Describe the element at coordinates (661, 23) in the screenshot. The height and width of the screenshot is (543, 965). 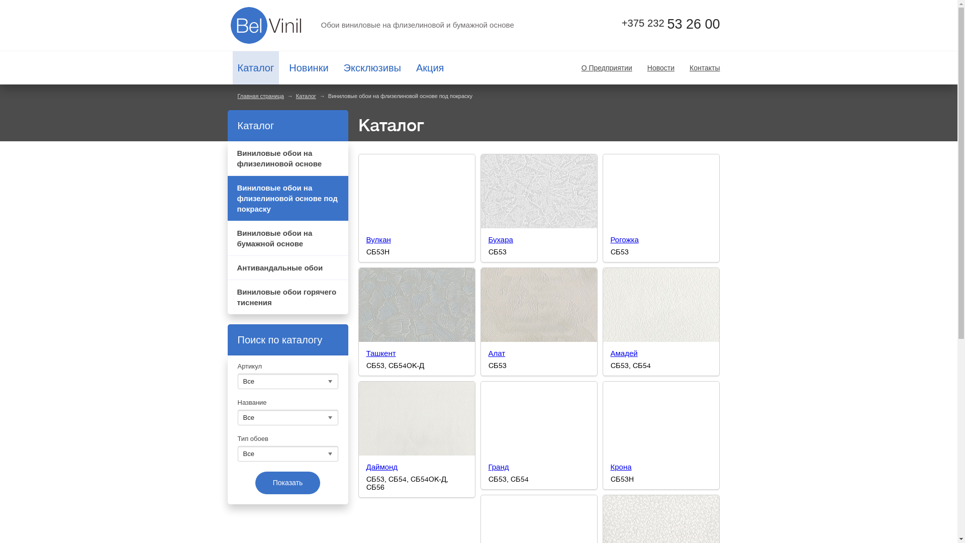
I see `'+375 232 53 26 00'` at that location.